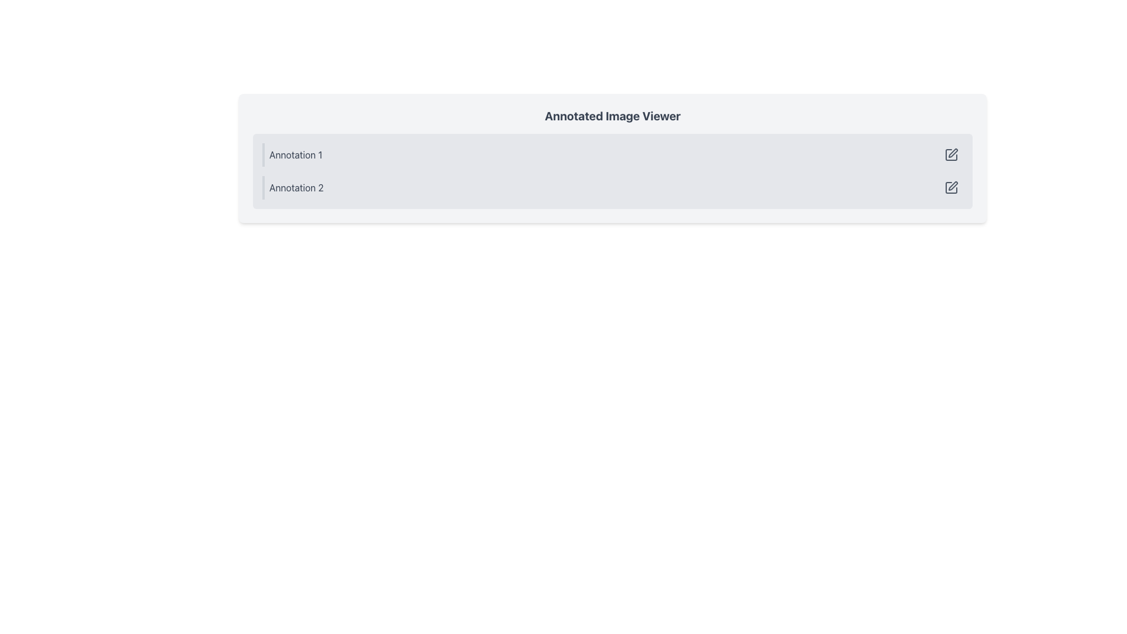 Image resolution: width=1127 pixels, height=634 pixels. Describe the element at coordinates (951, 154) in the screenshot. I see `the editing icon represented by a square or pen-square metaphor, located in the top-right corner of the content block` at that location.